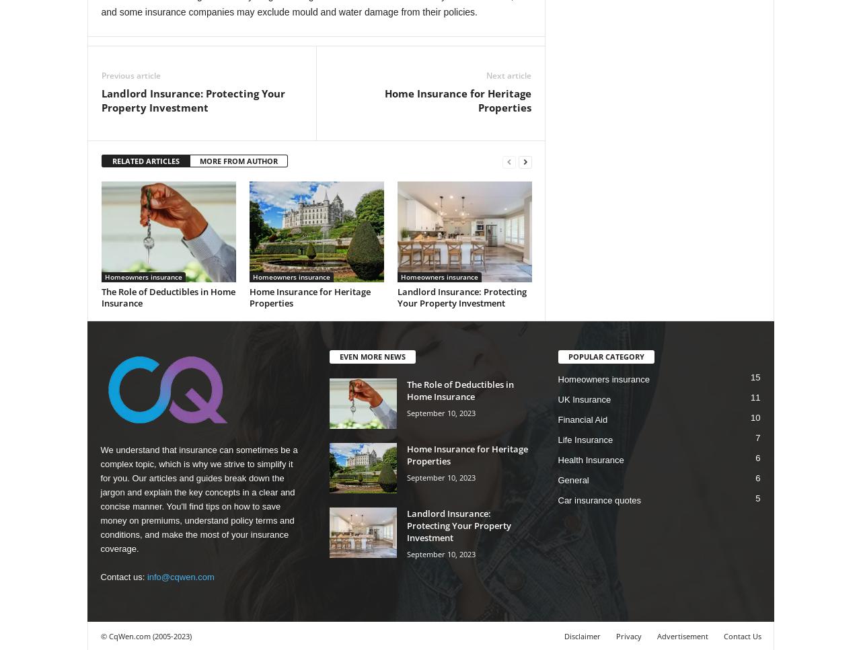 The image size is (861, 650). Describe the element at coordinates (180, 576) in the screenshot. I see `'info@cqwen.com'` at that location.